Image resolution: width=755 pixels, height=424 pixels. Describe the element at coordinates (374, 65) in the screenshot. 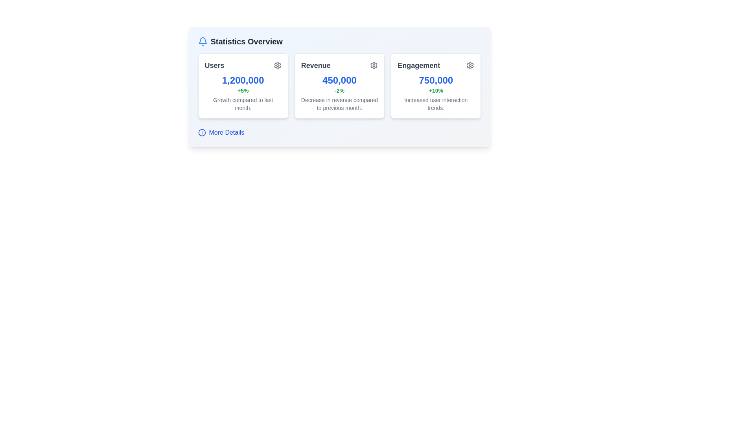

I see `the gear icon located in the 'Revenue' section, aligned with the top-right corner of the section card` at that location.